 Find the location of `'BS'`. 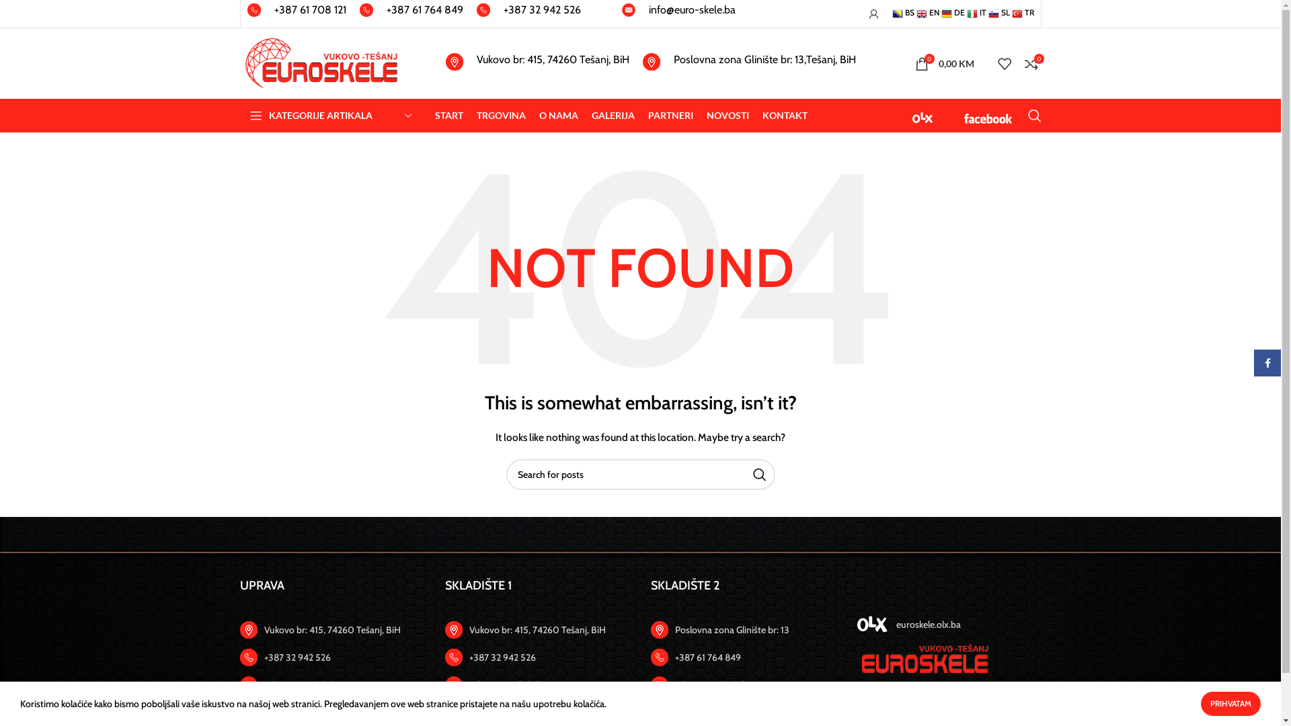

'BS' is located at coordinates (902, 12).